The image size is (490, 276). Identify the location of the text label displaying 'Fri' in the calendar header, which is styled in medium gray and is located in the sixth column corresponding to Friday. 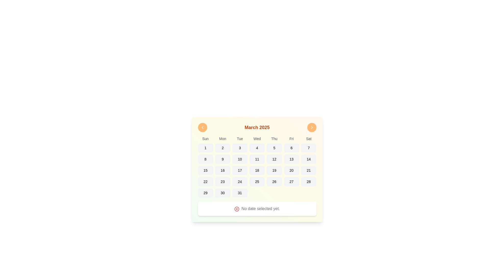
(291, 139).